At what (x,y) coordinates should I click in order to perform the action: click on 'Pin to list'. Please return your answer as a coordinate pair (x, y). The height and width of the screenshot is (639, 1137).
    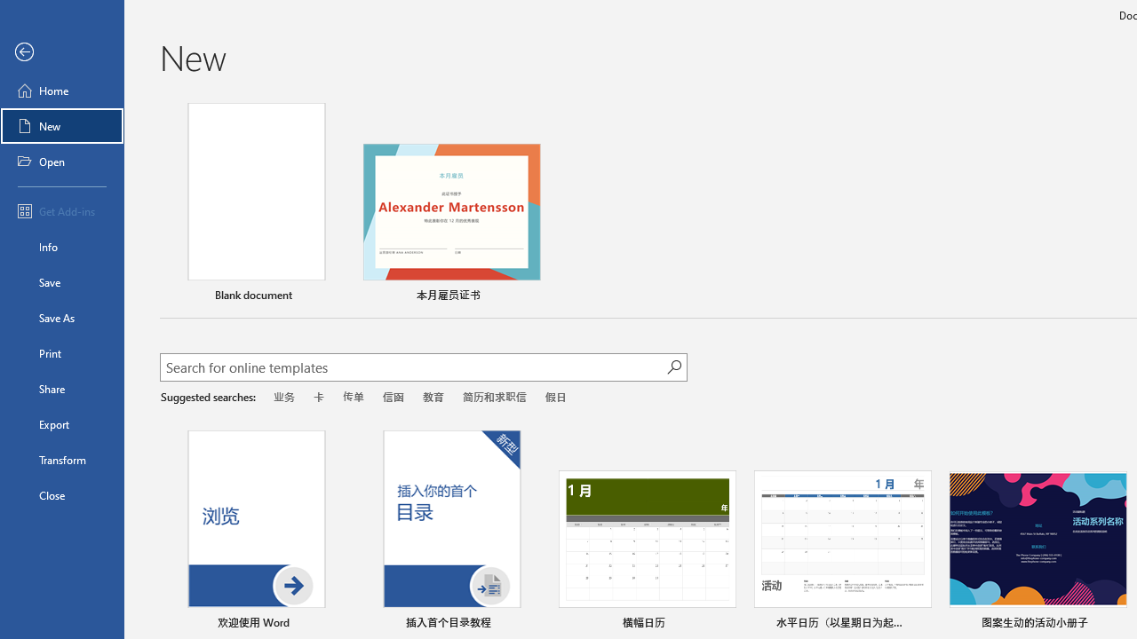
    Looking at the image, I should click on (1114, 623).